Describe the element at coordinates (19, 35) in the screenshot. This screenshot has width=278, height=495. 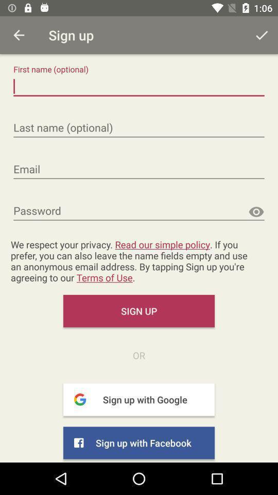
I see `prvious` at that location.